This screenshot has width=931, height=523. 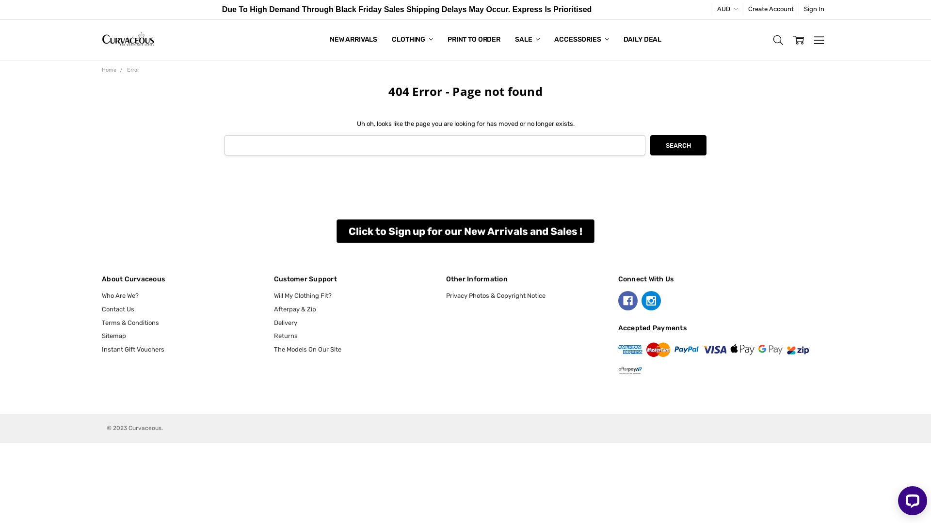 I want to click on 'Delivery', so click(x=273, y=323).